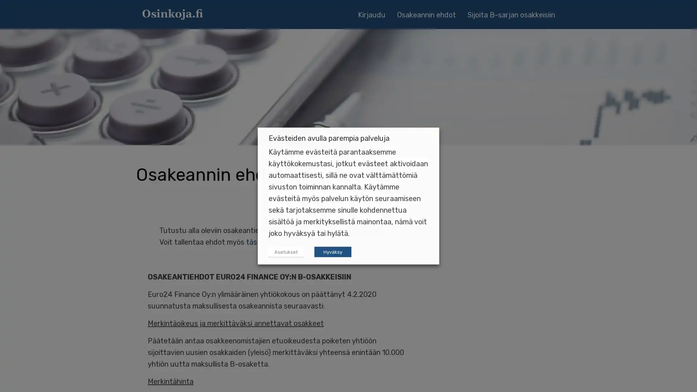 The image size is (697, 392). What do you see at coordinates (332, 251) in the screenshot?
I see `Hyvaksy` at bounding box center [332, 251].